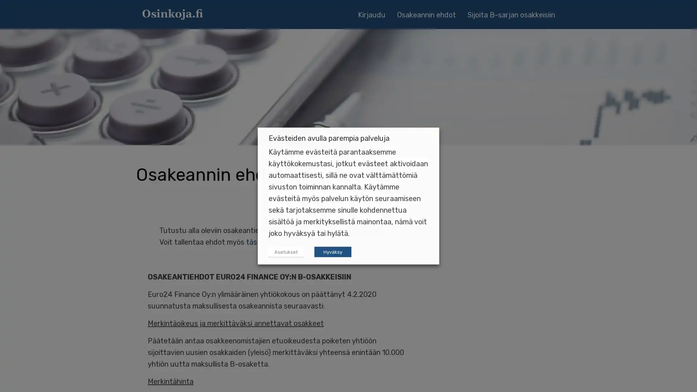 The image size is (697, 392). What do you see at coordinates (332, 251) in the screenshot?
I see `Hyvaksy` at bounding box center [332, 251].